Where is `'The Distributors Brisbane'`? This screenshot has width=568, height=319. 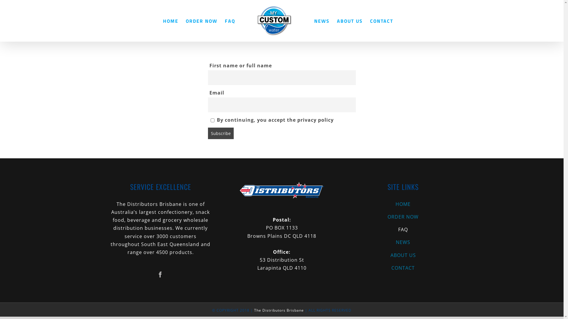
'The Distributors Brisbane' is located at coordinates (278, 310).